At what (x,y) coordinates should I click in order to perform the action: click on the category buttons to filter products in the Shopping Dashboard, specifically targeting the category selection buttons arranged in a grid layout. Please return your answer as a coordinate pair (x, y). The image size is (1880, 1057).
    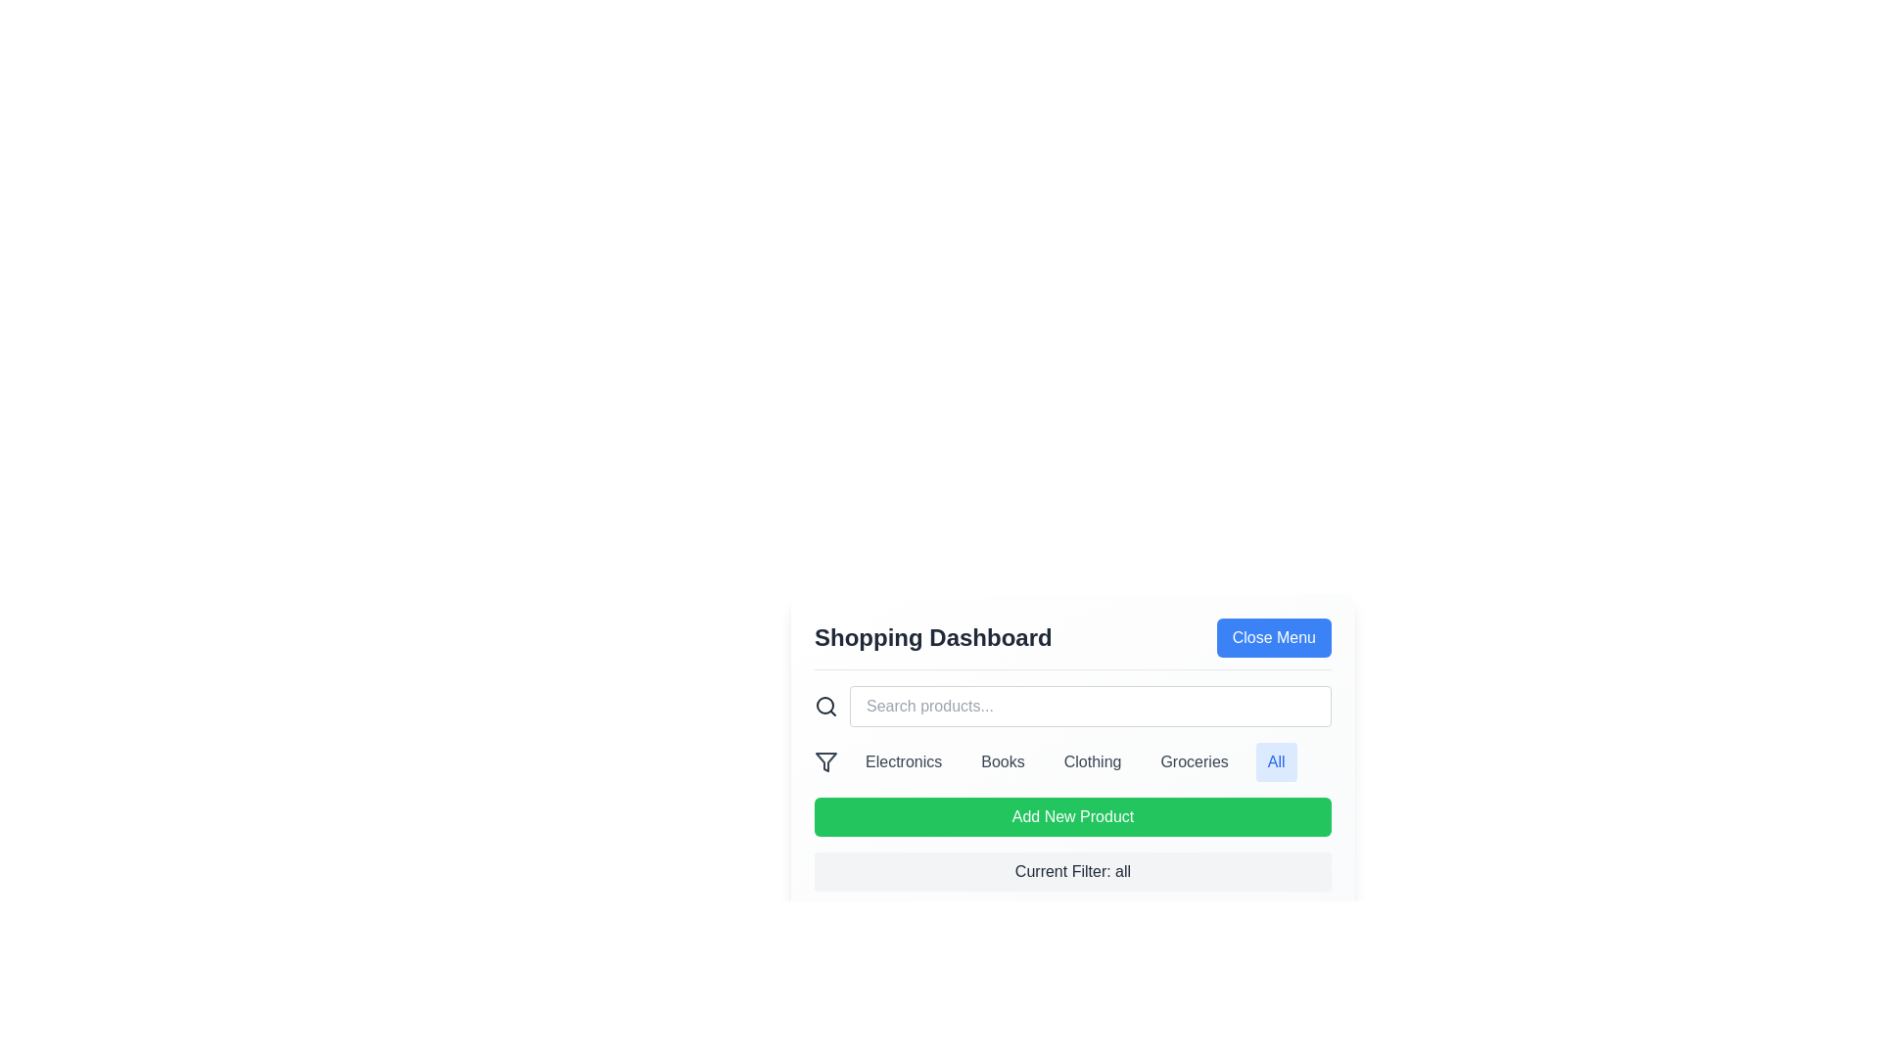
    Looking at the image, I should click on (1071, 760).